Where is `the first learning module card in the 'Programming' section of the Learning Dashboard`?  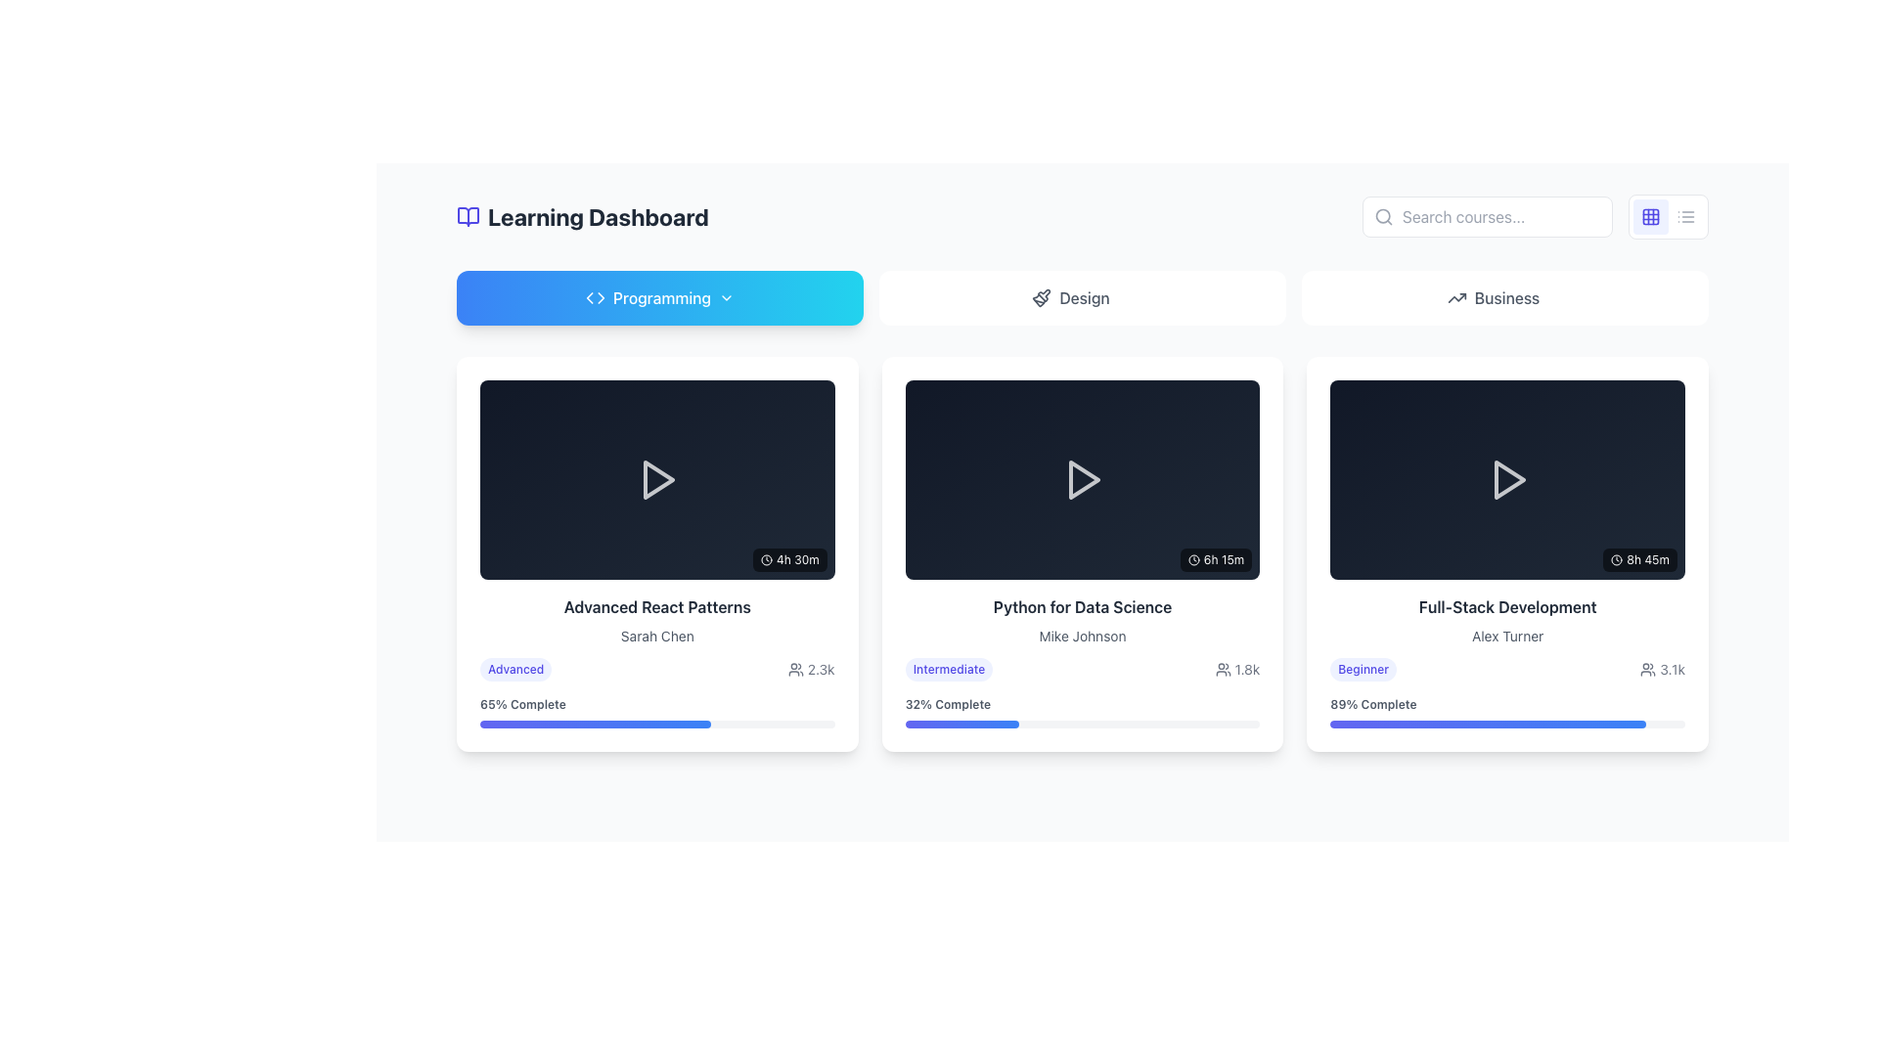 the first learning module card in the 'Programming' section of the Learning Dashboard is located at coordinates (657, 554).